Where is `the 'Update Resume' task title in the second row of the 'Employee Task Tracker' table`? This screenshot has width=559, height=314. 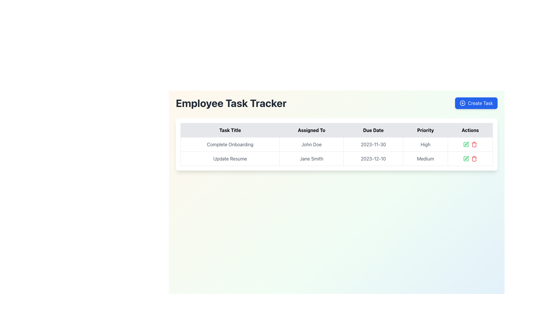
the 'Update Resume' task title in the second row of the 'Employee Task Tracker' table is located at coordinates (230, 159).